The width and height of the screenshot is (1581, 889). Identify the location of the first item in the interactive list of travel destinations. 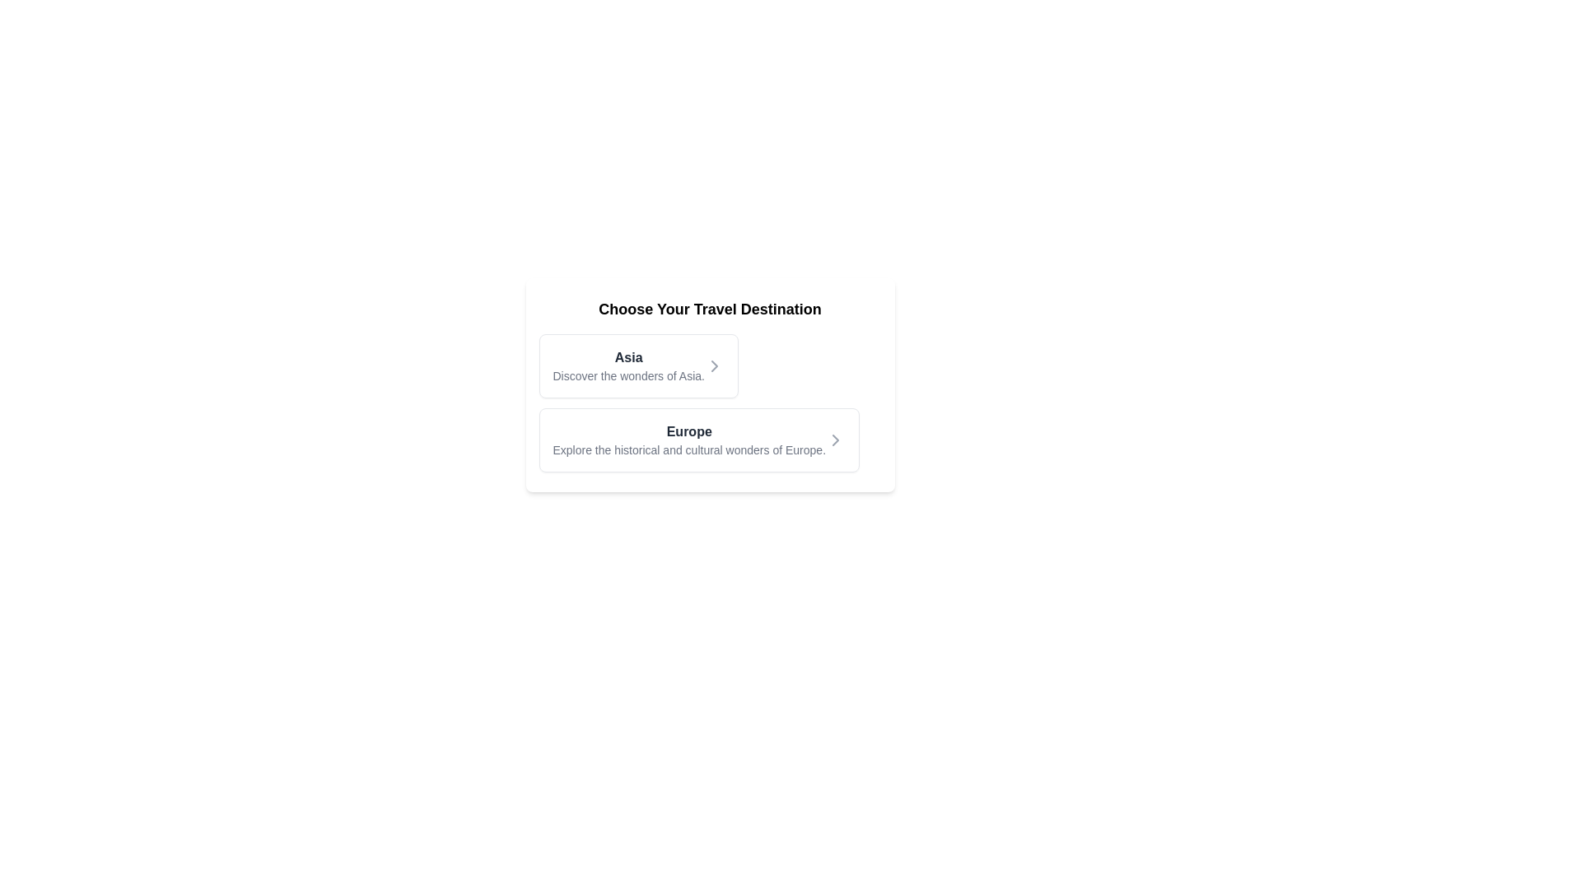
(637, 365).